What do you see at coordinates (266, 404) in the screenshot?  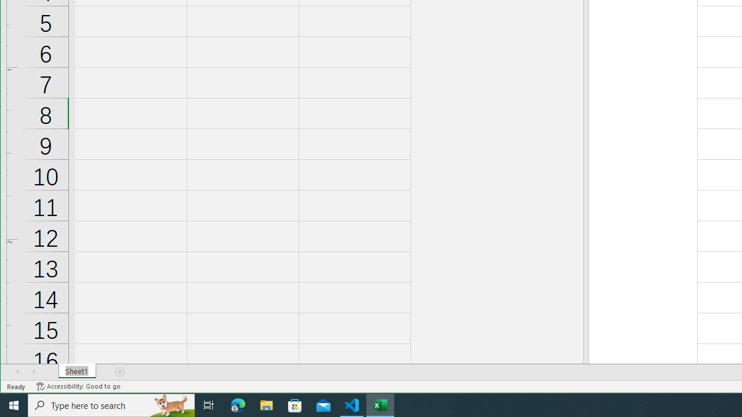 I see `'File Explorer'` at bounding box center [266, 404].